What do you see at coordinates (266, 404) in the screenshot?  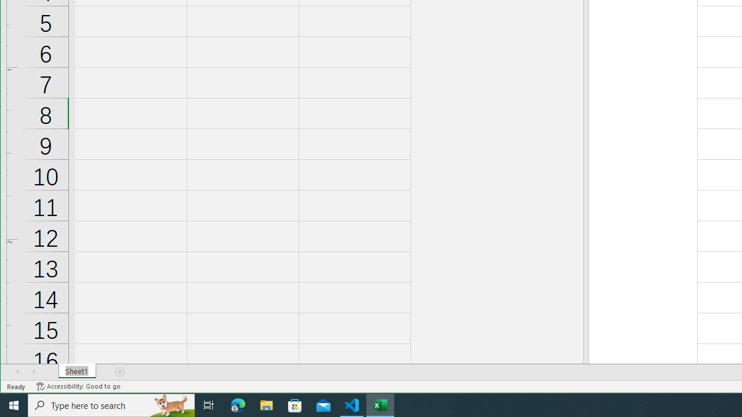 I see `'File Explorer'` at bounding box center [266, 404].